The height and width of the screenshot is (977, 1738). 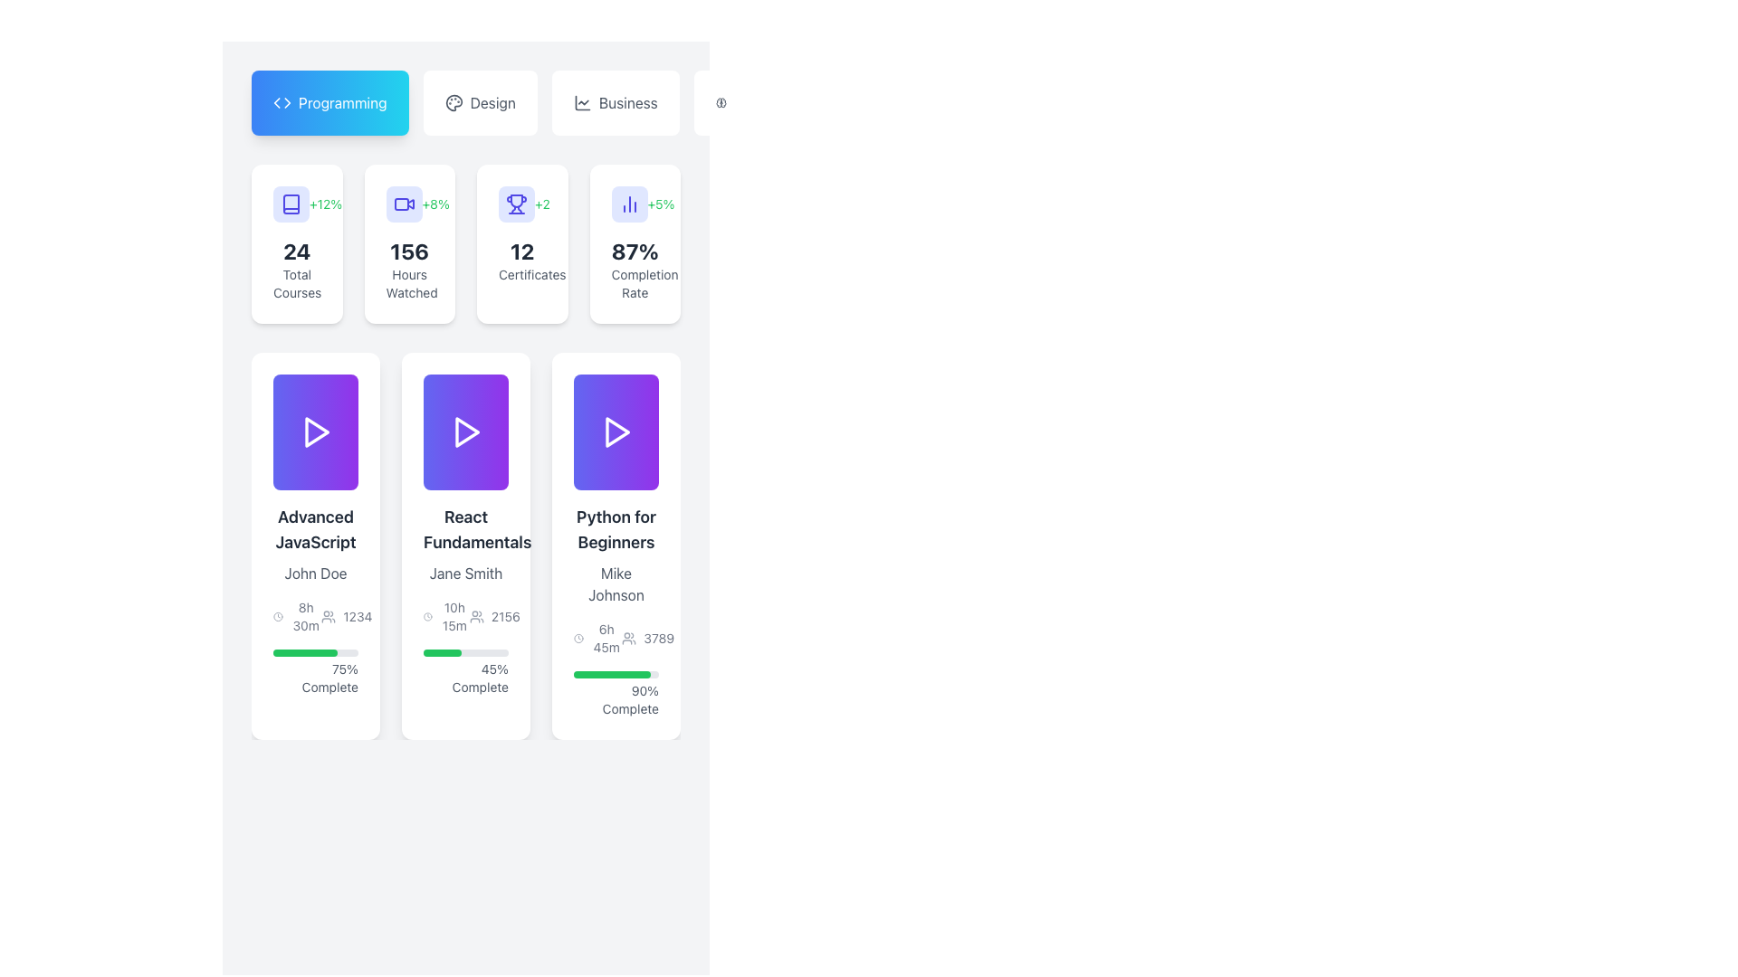 What do you see at coordinates (329, 103) in the screenshot?
I see `the 'Programming' button, which is a rectangular button with a gradient background transitioning from blue to cyan, located at the top section of the interface and is the first button from the left among sibling buttons labeled 'Design' and 'Business'` at bounding box center [329, 103].